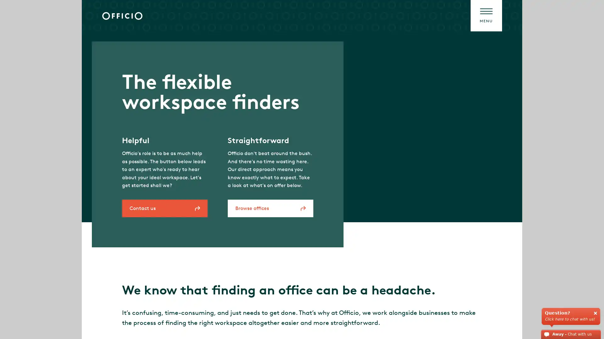 The image size is (604, 339). I want to click on MENU, so click(486, 15).